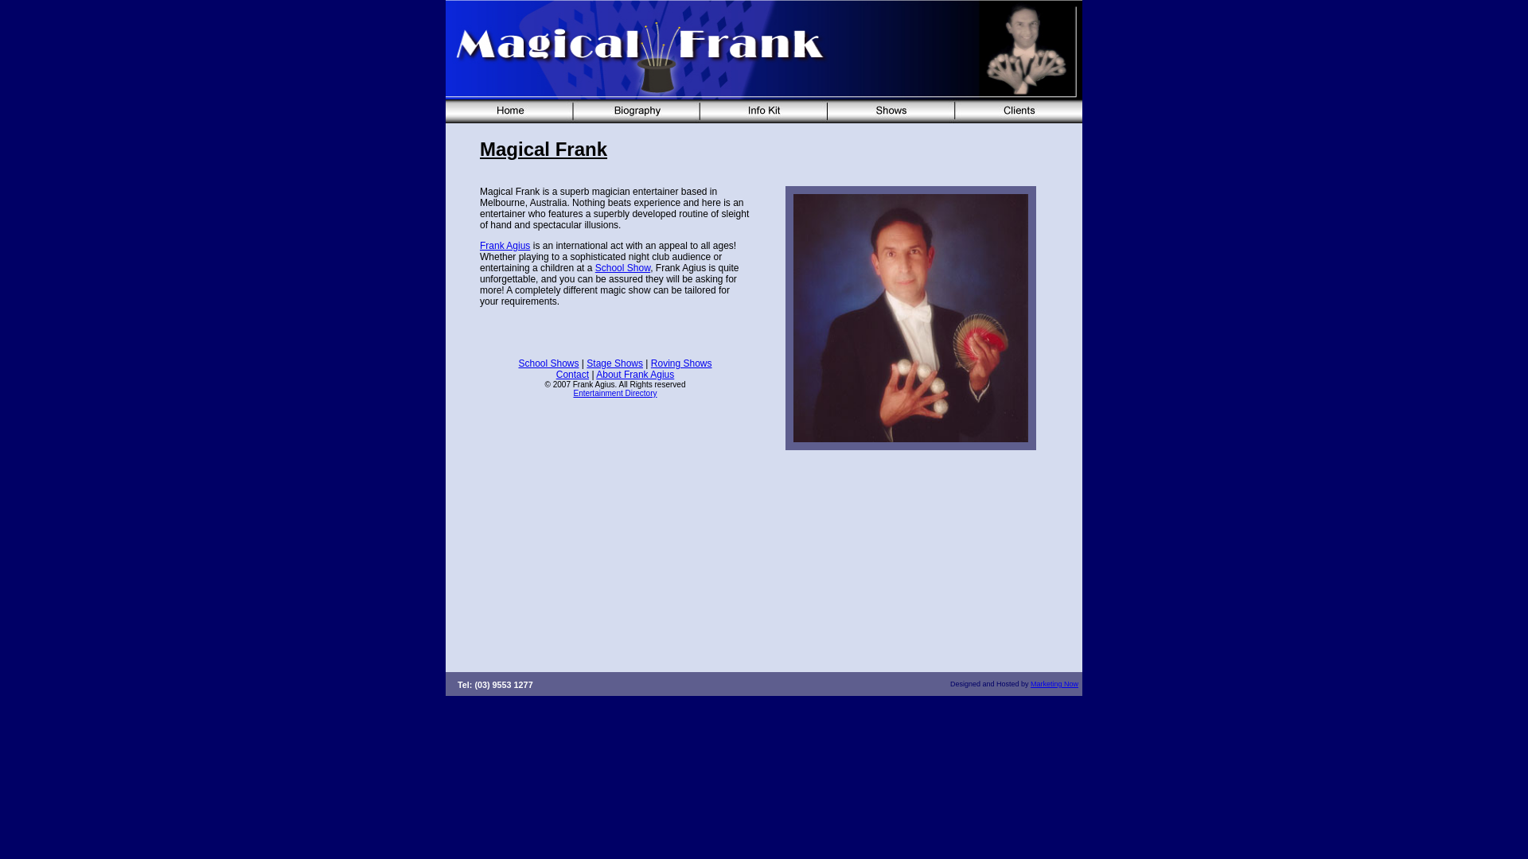 This screenshot has width=1528, height=859. What do you see at coordinates (594, 266) in the screenshot?
I see `'School Show'` at bounding box center [594, 266].